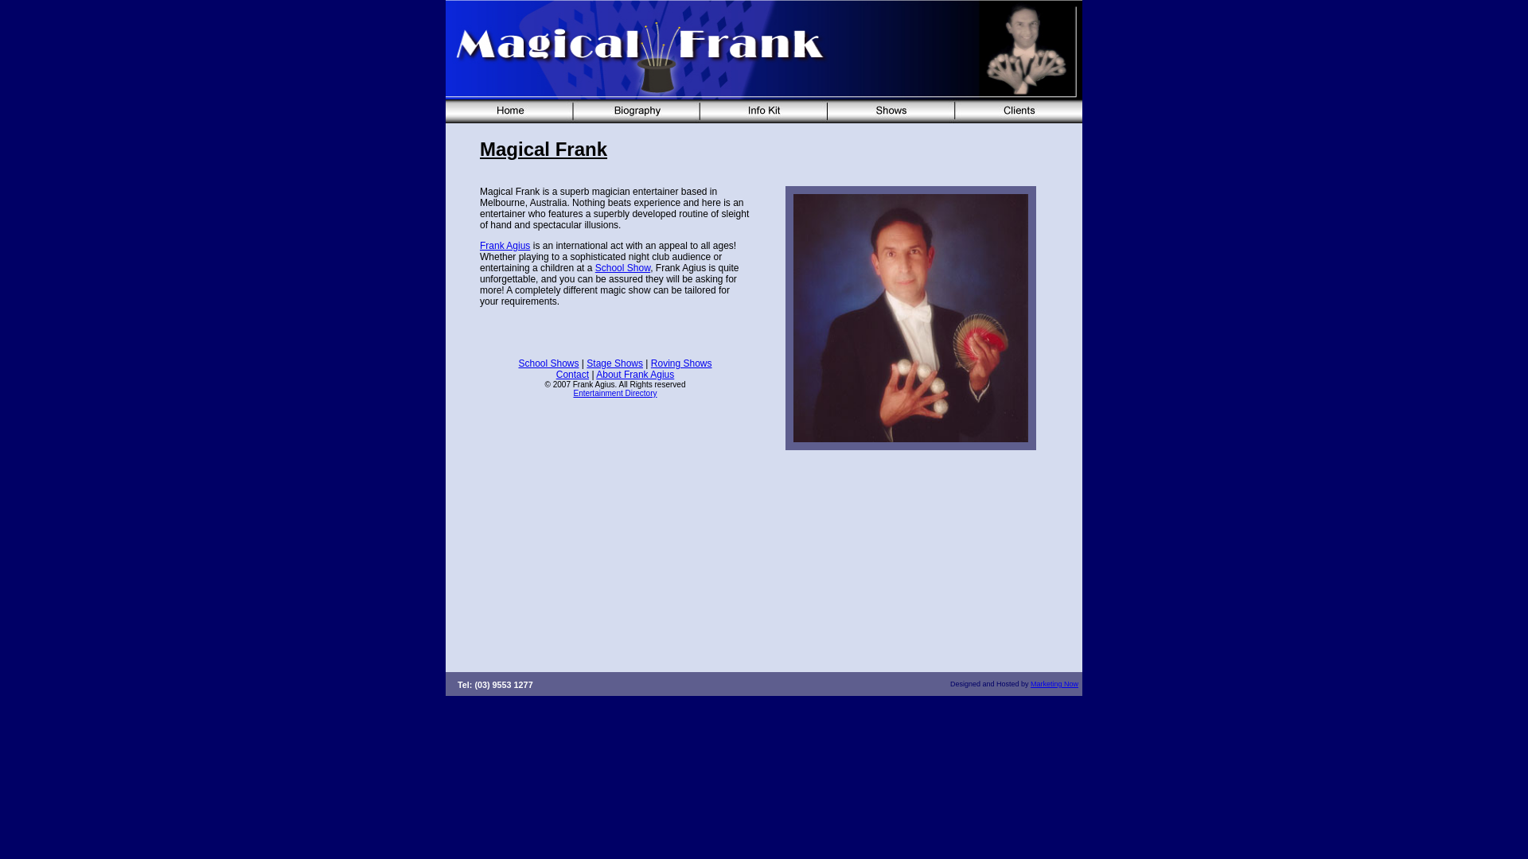 This screenshot has width=1528, height=859. What do you see at coordinates (594, 266) in the screenshot?
I see `'School Show'` at bounding box center [594, 266].